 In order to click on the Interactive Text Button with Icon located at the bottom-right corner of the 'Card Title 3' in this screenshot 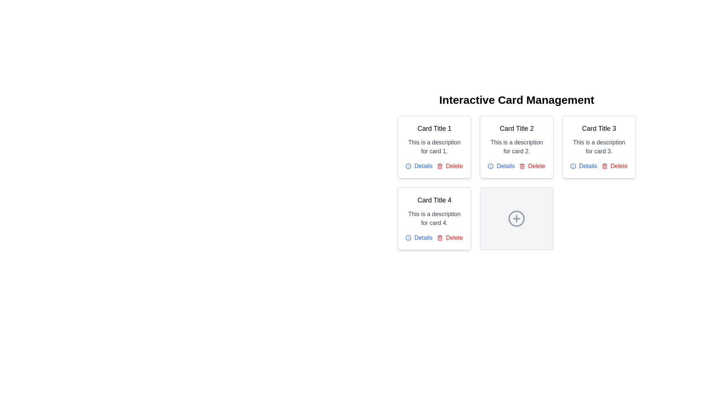, I will do `click(614, 166)`.